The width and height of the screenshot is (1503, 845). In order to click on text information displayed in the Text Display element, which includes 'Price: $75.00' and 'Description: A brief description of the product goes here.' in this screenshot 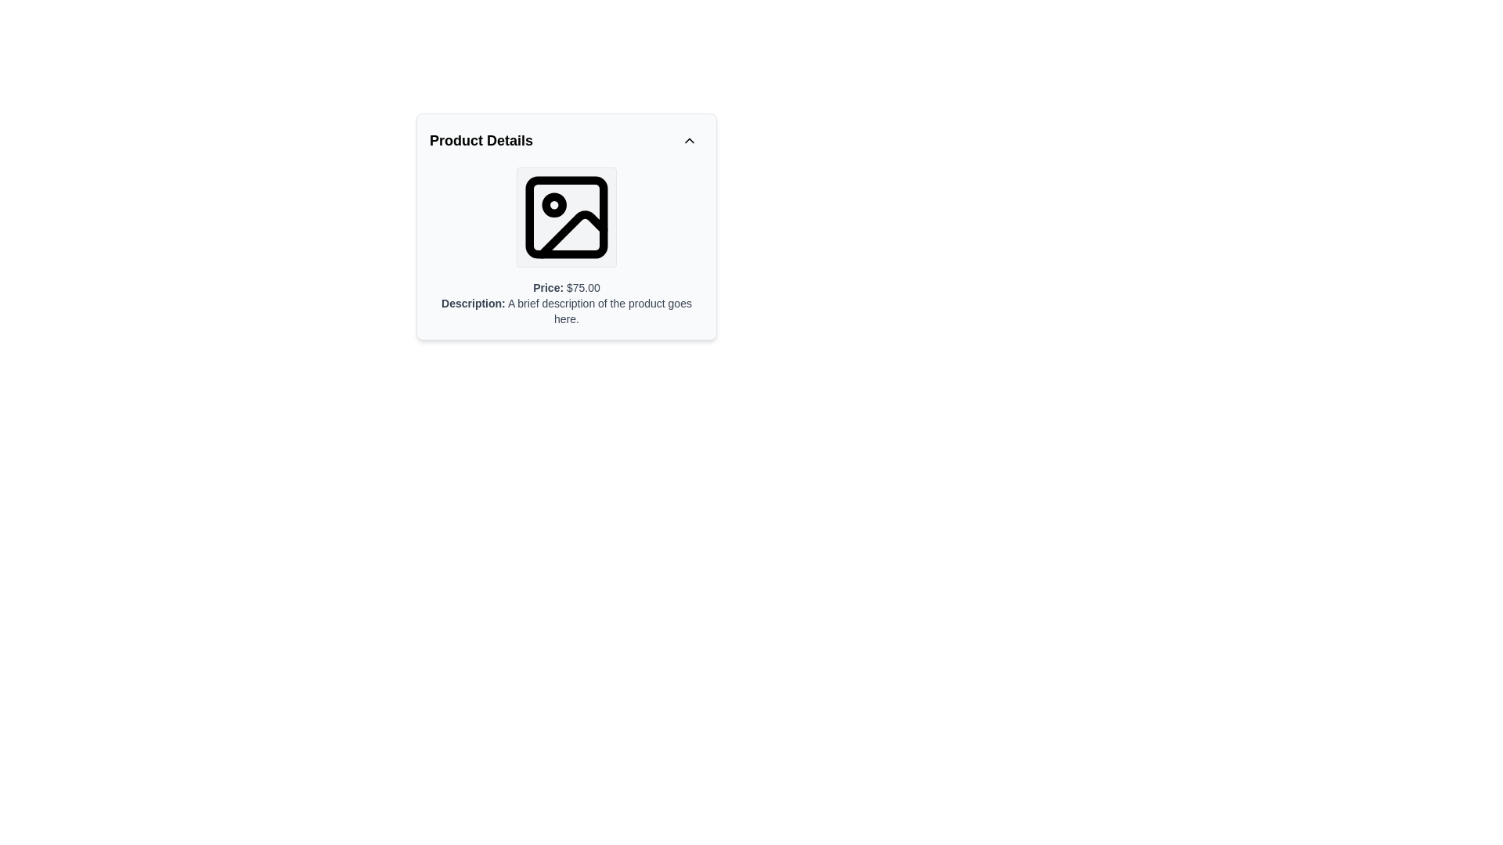, I will do `click(566, 304)`.